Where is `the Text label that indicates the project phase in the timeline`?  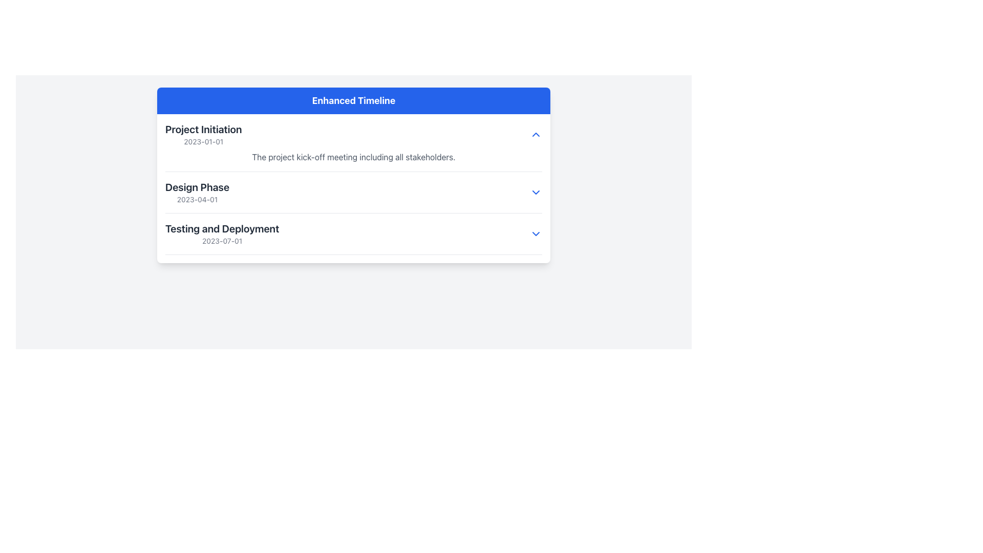
the Text label that indicates the project phase in the timeline is located at coordinates (197, 187).